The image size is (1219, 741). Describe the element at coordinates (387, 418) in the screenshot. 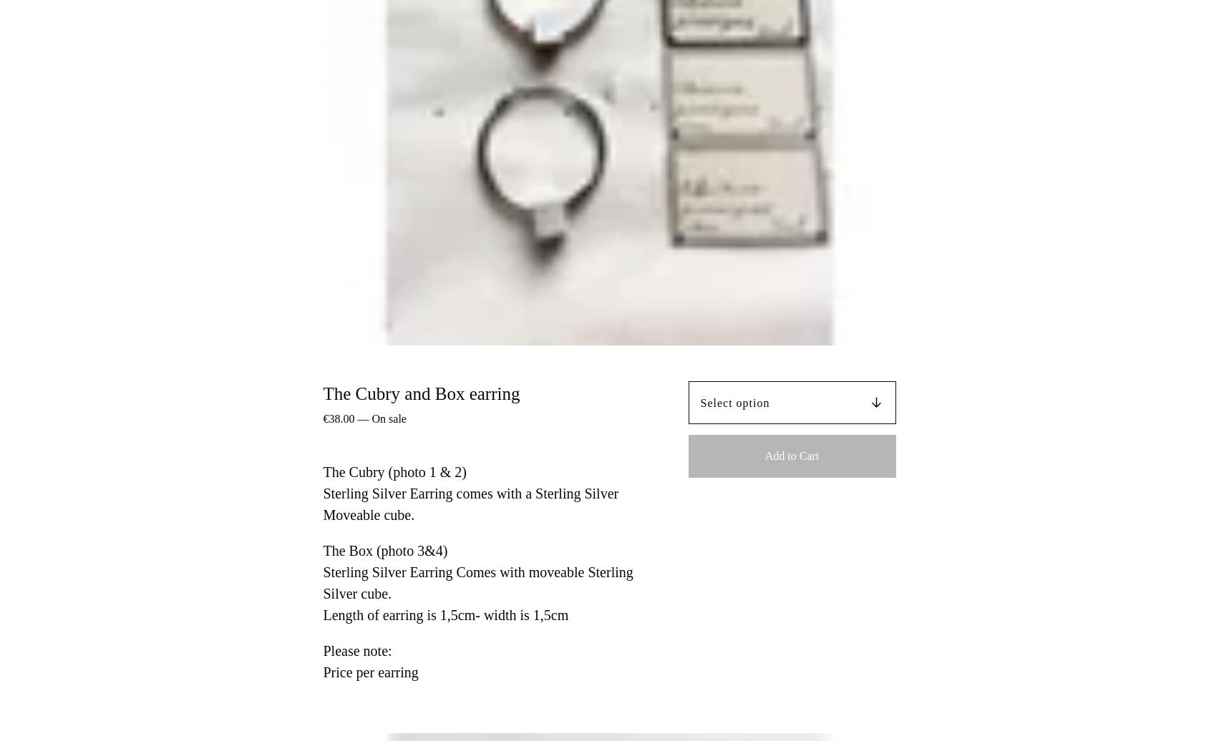

I see `'On sale'` at that location.